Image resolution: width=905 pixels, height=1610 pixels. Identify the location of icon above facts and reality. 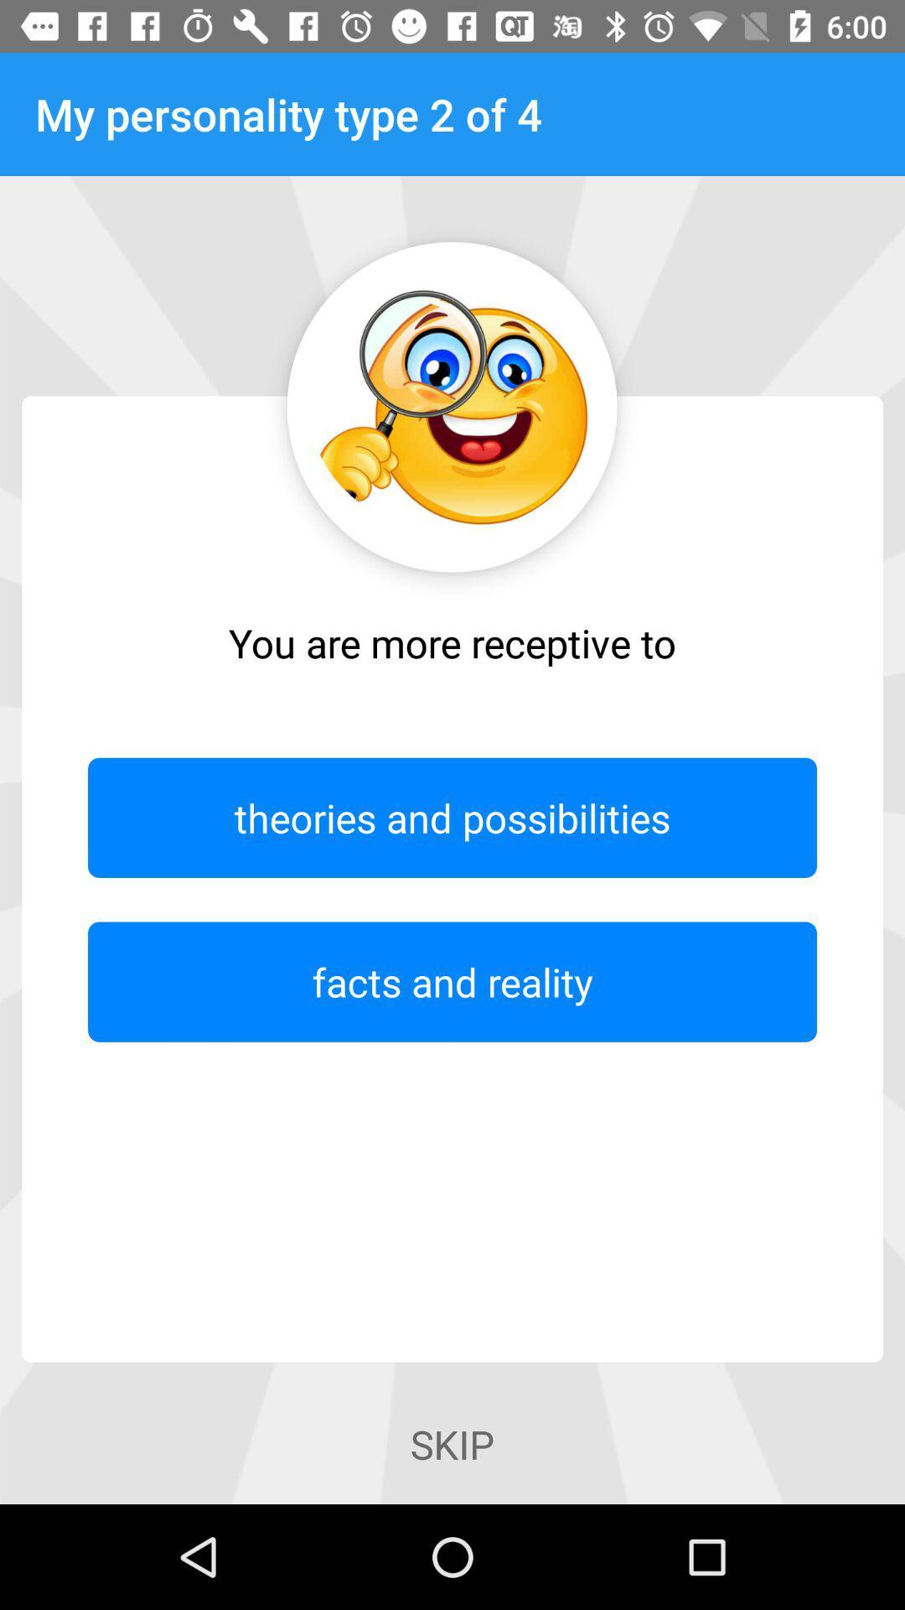
(452, 818).